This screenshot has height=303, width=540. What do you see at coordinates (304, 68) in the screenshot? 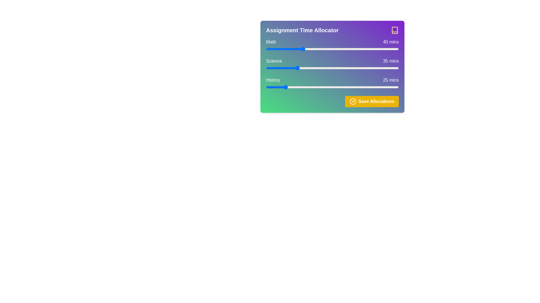
I see `time allocation for Science` at bounding box center [304, 68].